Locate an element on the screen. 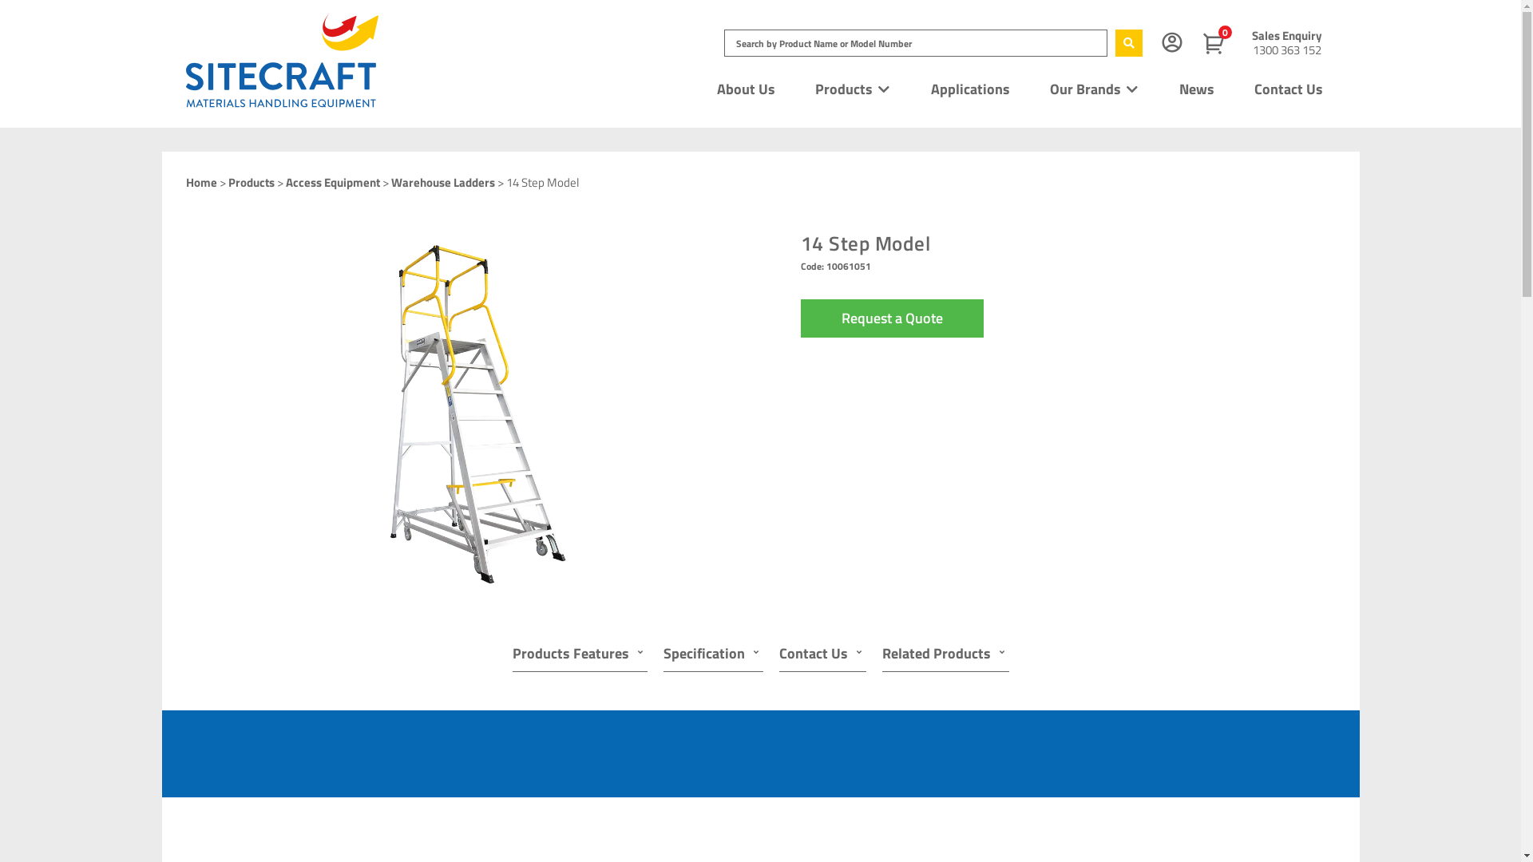 This screenshot has width=1533, height=862. 'Access Equipment' is located at coordinates (332, 181).